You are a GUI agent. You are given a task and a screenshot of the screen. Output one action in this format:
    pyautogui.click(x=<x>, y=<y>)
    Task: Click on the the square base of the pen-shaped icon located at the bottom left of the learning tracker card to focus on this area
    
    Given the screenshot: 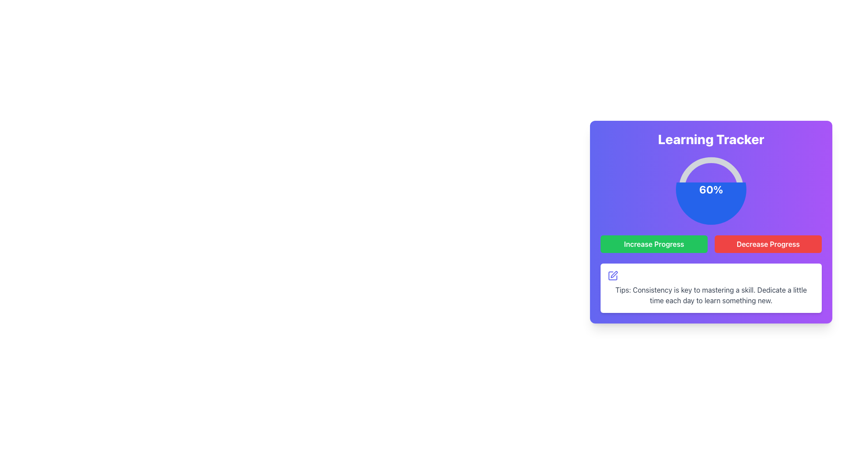 What is the action you would take?
    pyautogui.click(x=612, y=275)
    